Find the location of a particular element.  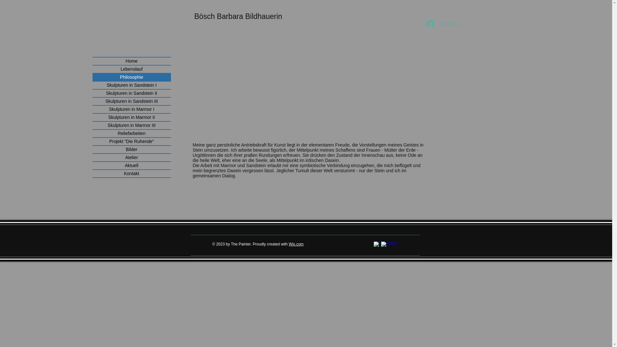

'Home' is located at coordinates (131, 61).